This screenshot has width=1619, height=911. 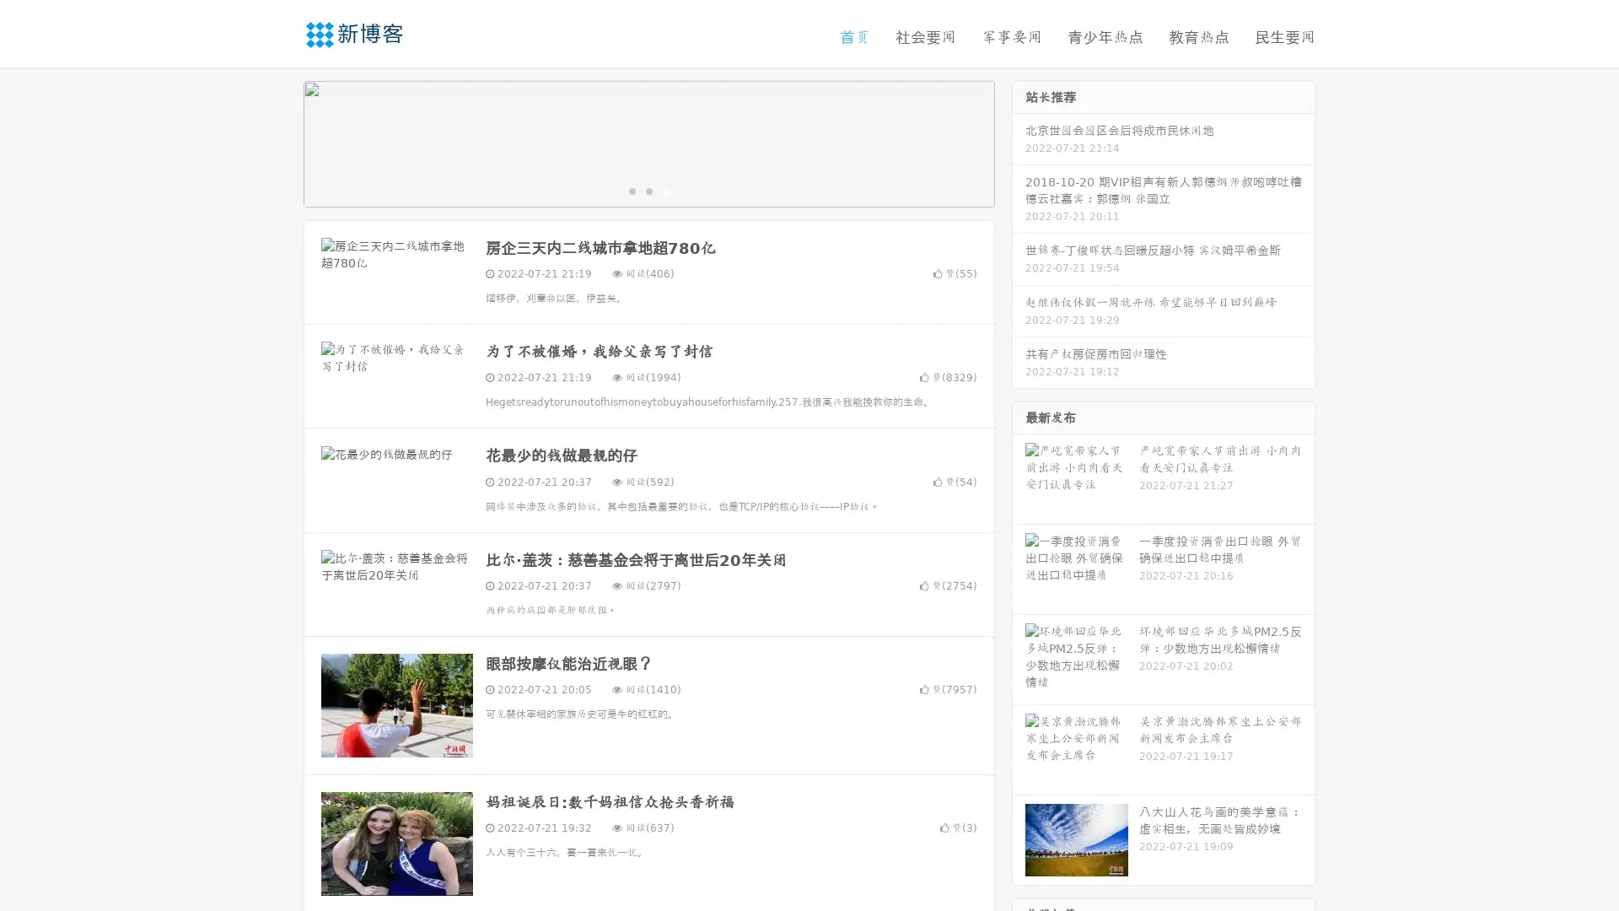 What do you see at coordinates (665, 190) in the screenshot?
I see `Go to slide 3` at bounding box center [665, 190].